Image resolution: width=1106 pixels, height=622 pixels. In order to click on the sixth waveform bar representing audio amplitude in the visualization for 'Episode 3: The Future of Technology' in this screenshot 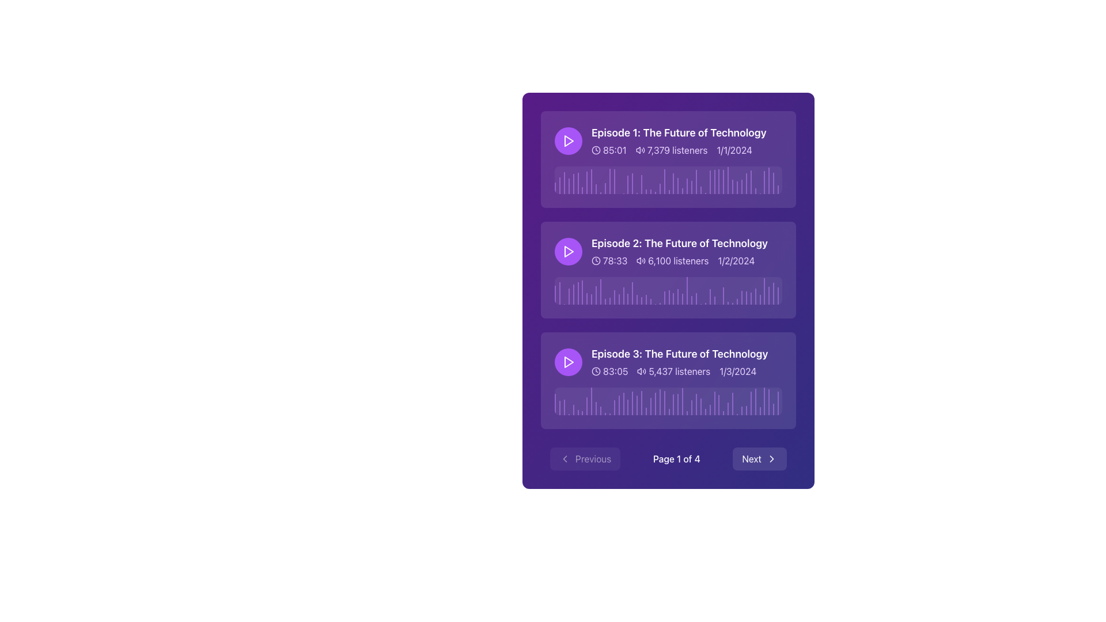, I will do `click(578, 412)`.